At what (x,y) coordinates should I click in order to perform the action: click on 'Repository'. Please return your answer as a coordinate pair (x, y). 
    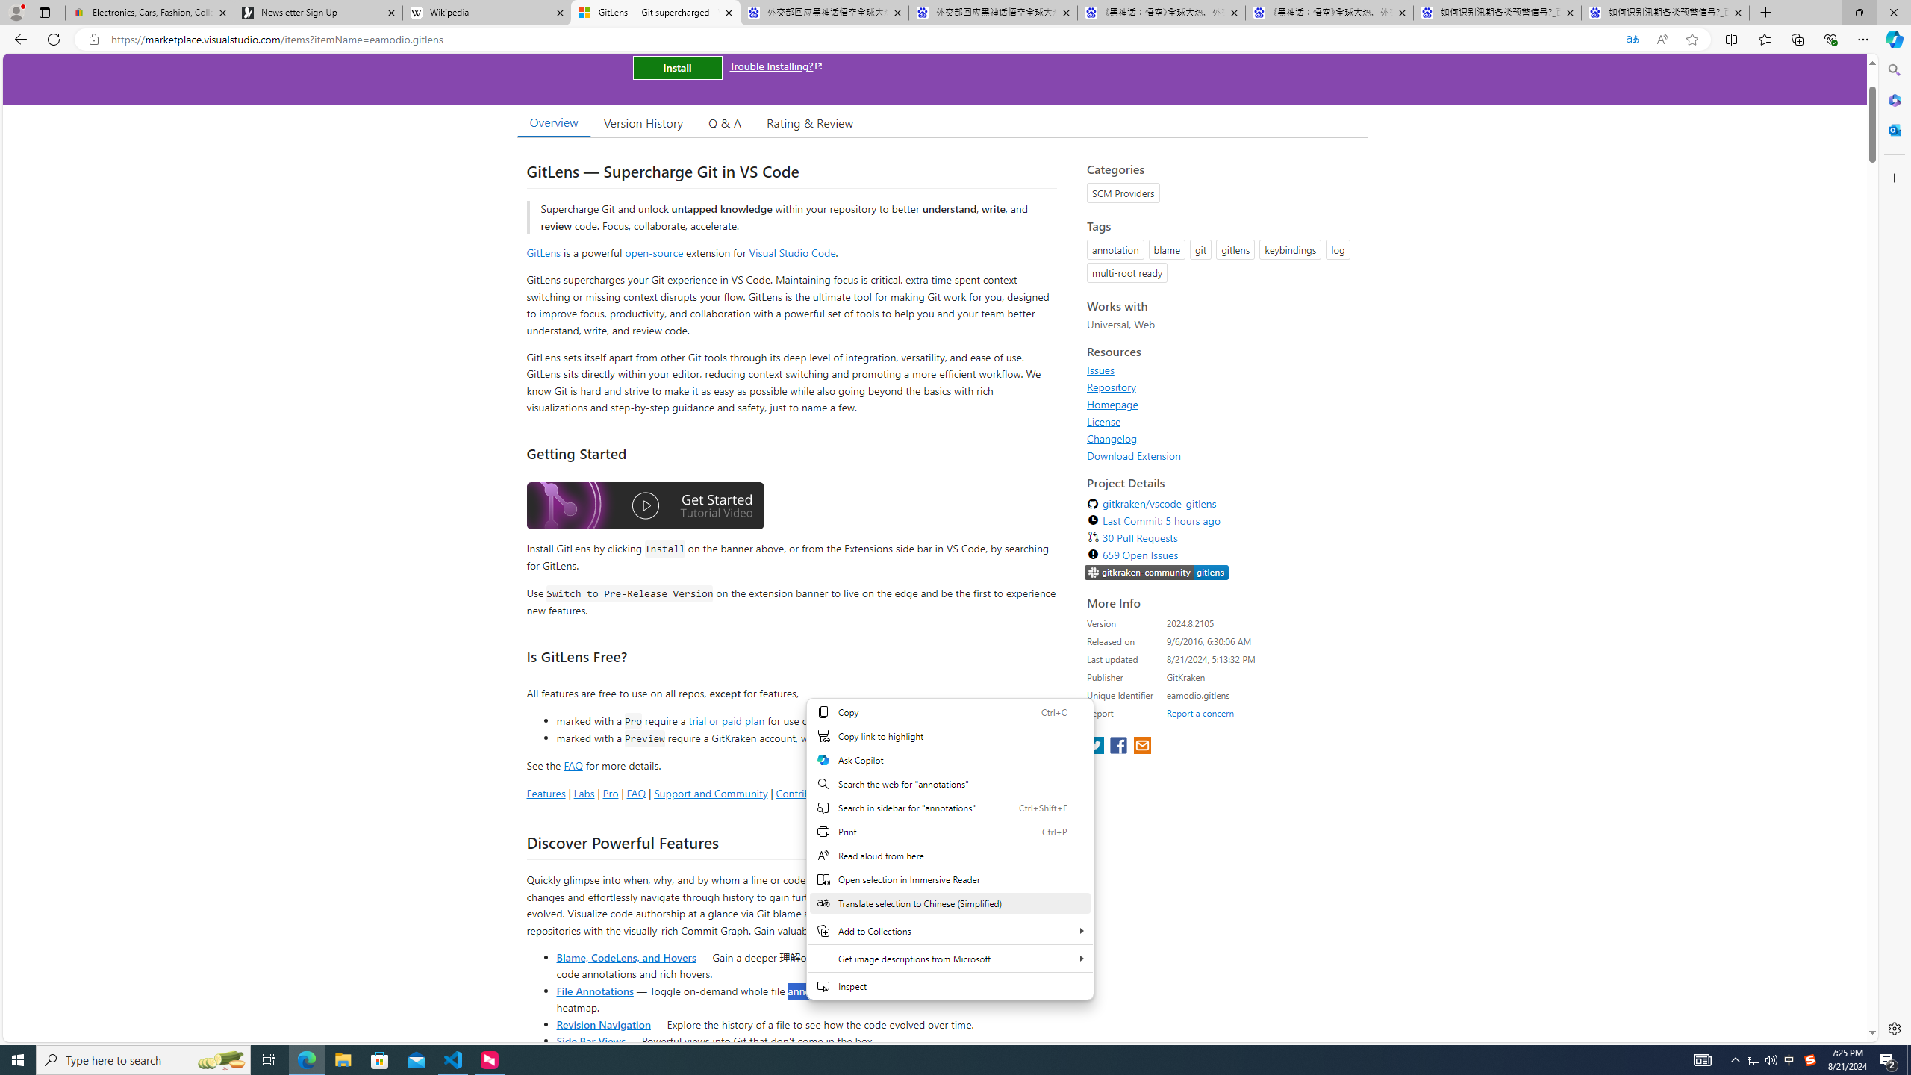
    Looking at the image, I should click on (1111, 386).